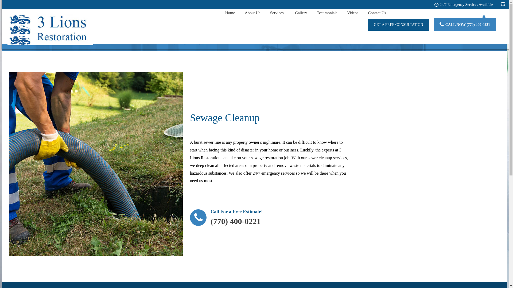 The height and width of the screenshot is (288, 513). I want to click on 'CALL NOW (770) 400-0221', so click(464, 25).